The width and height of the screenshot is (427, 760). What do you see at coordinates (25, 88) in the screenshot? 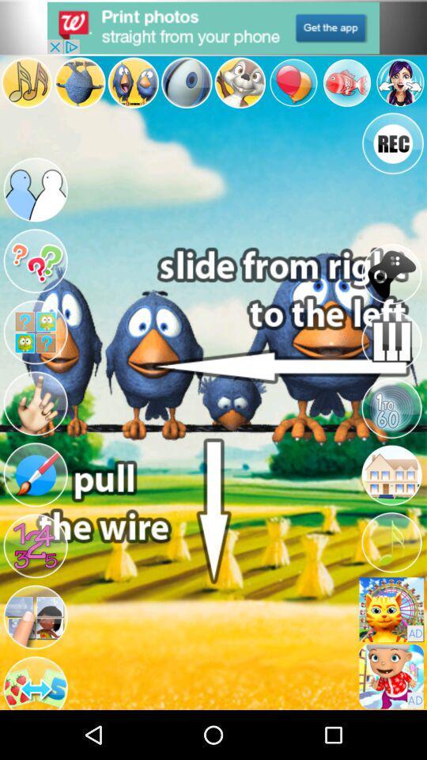
I see `the music icon` at bounding box center [25, 88].